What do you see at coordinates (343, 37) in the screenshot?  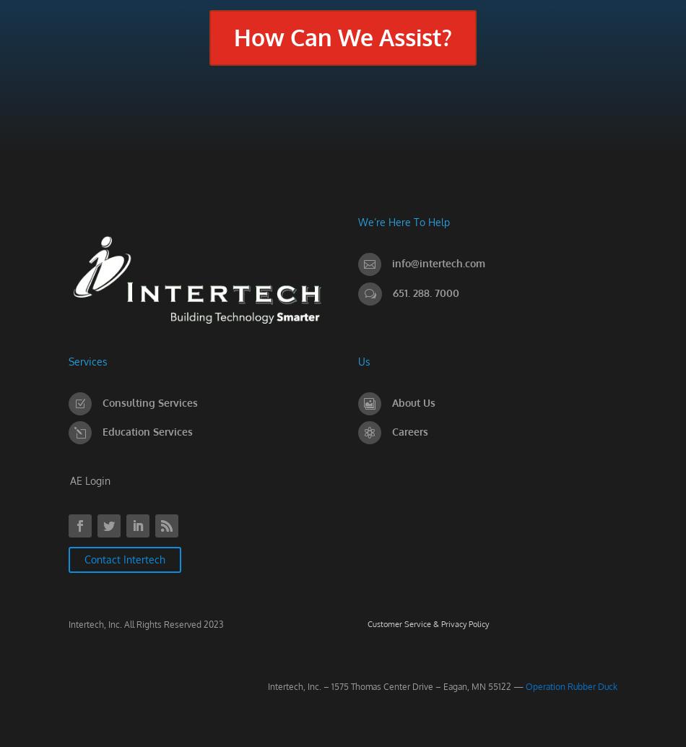 I see `'How Can We Assist?'` at bounding box center [343, 37].